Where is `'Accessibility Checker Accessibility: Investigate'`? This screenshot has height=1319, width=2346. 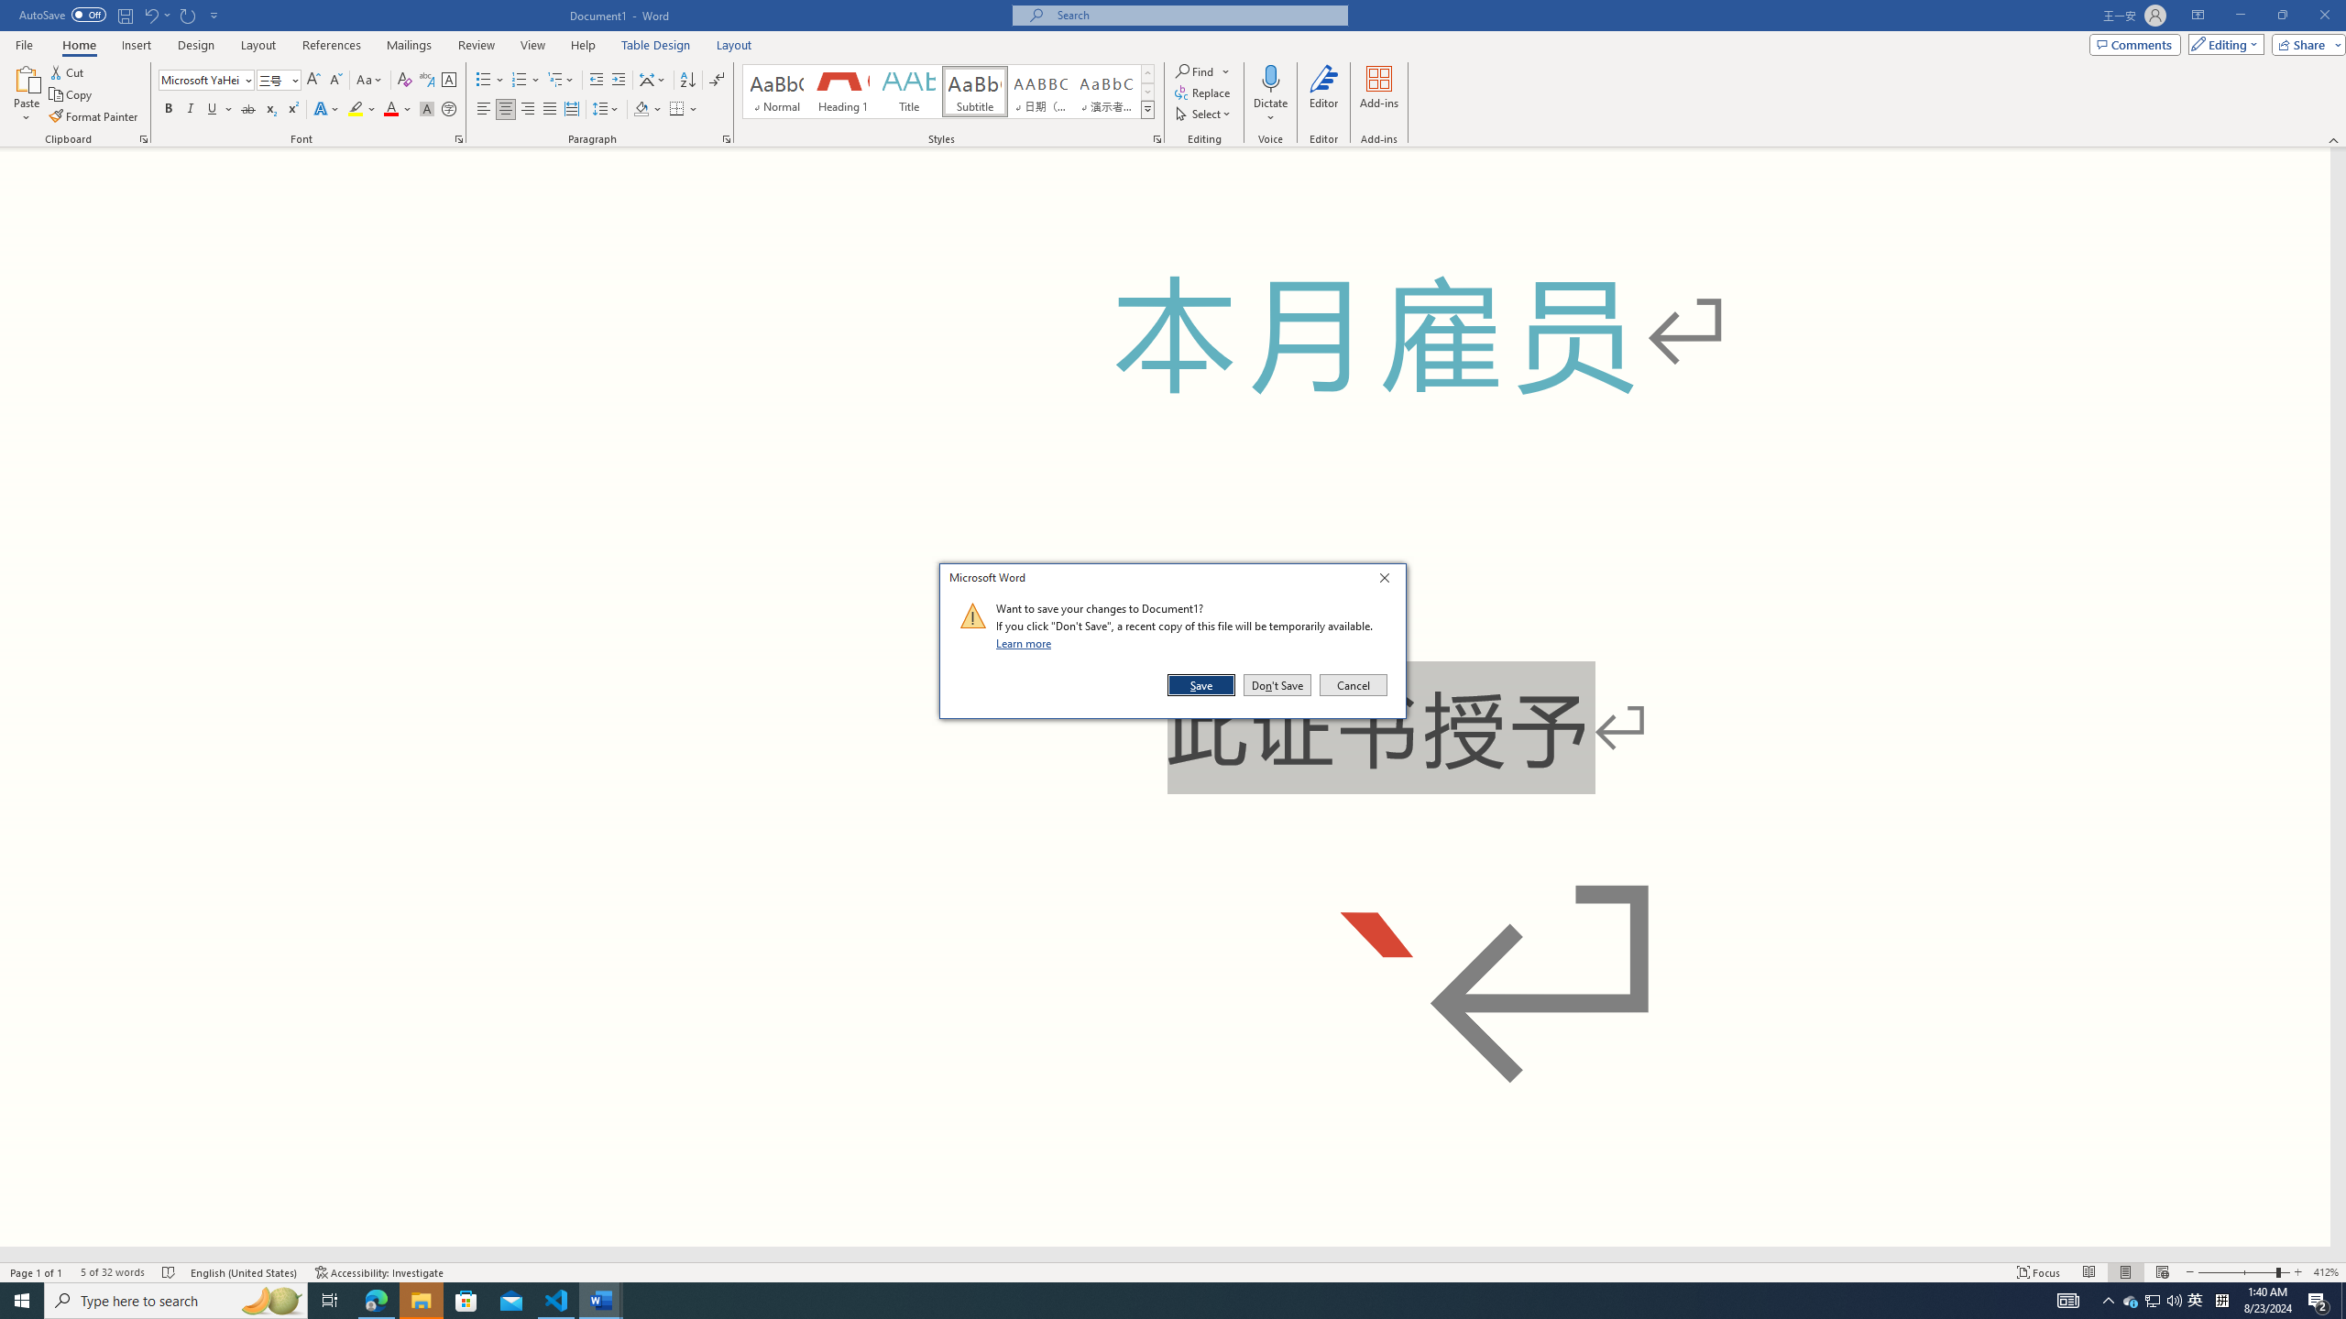
'Accessibility Checker Accessibility: Investigate' is located at coordinates (378, 1272).